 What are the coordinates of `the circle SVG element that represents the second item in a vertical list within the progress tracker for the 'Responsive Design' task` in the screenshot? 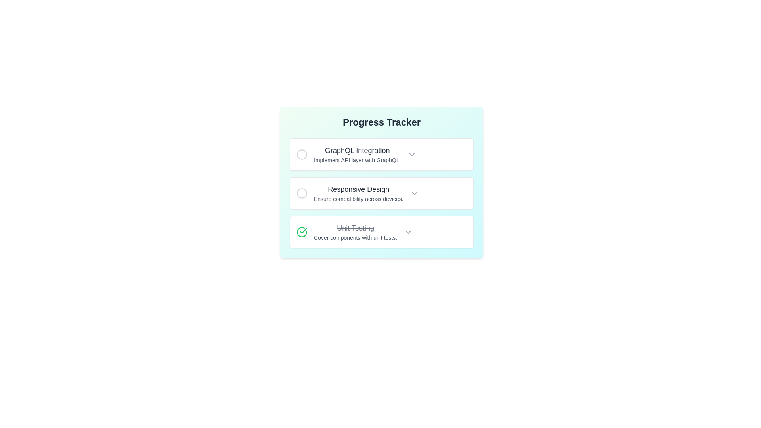 It's located at (302, 193).